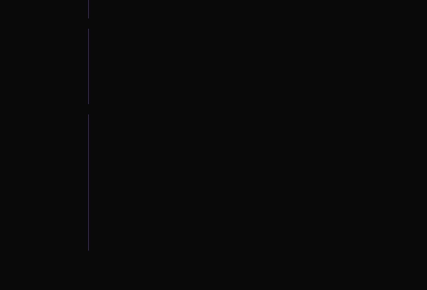 This screenshot has width=427, height=290. I want to click on 'I consent to receive automated marketing by text message', so click(326, 230).